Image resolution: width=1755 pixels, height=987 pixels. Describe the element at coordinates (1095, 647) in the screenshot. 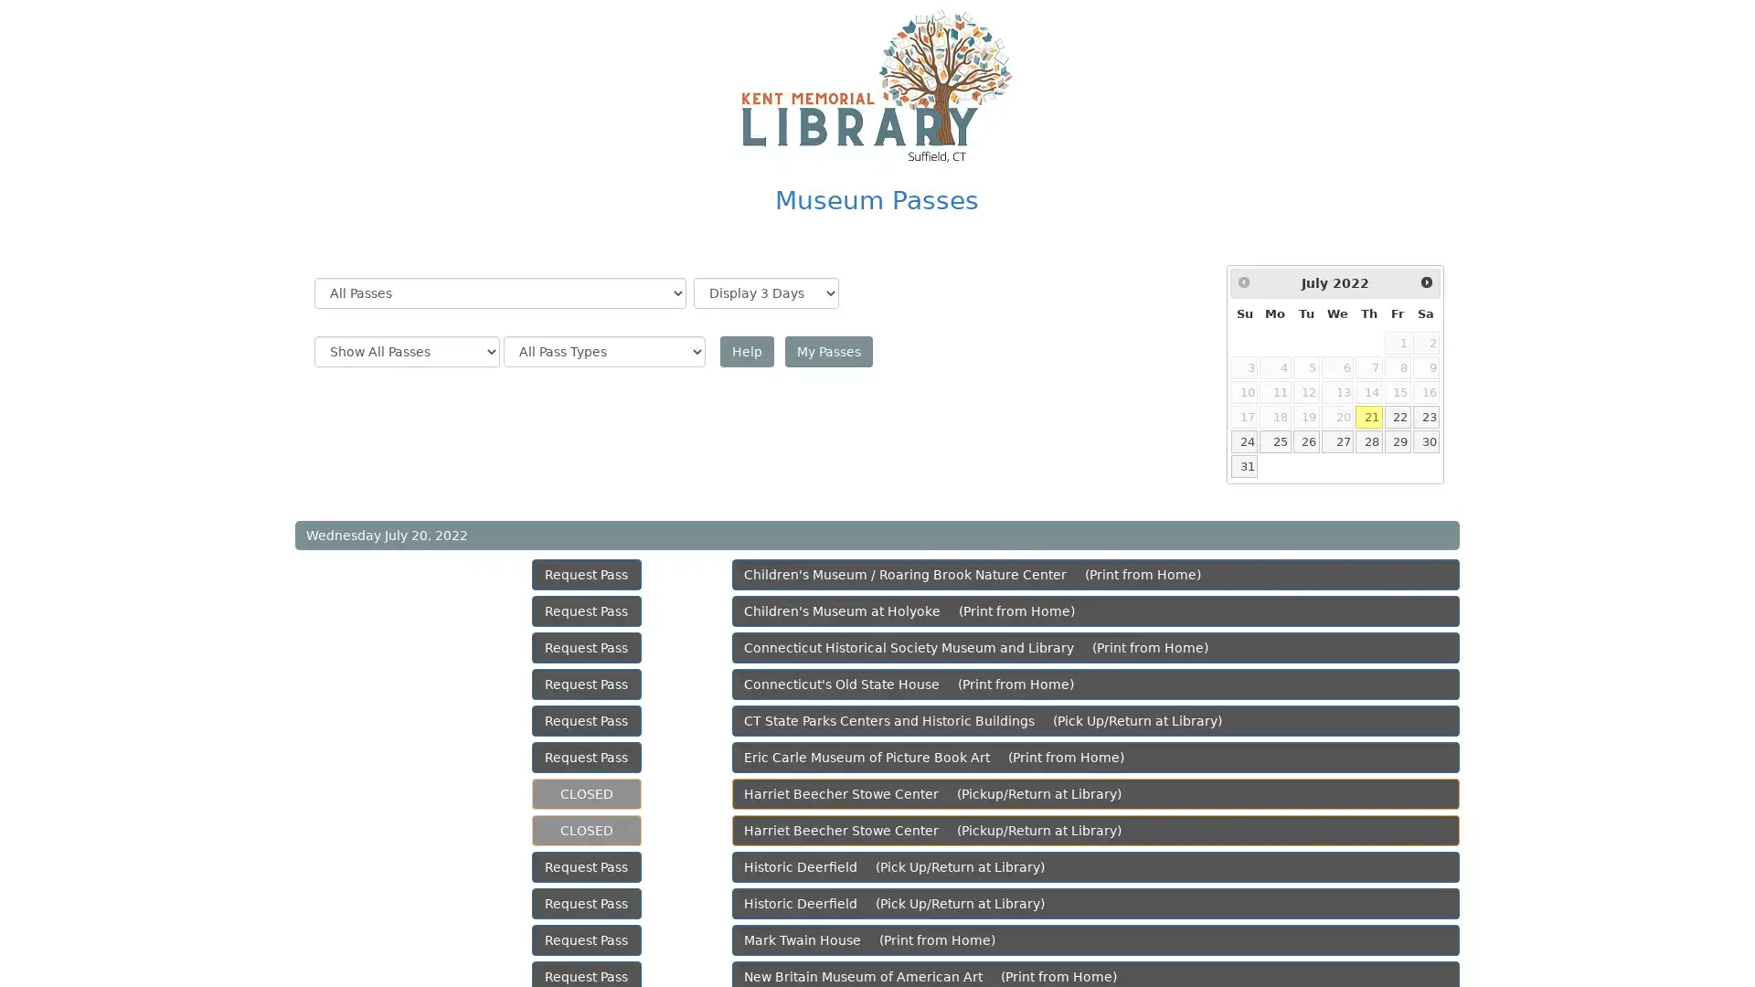

I see `Connecticut Historical Society Museum and Library     (Print from Home)` at that location.